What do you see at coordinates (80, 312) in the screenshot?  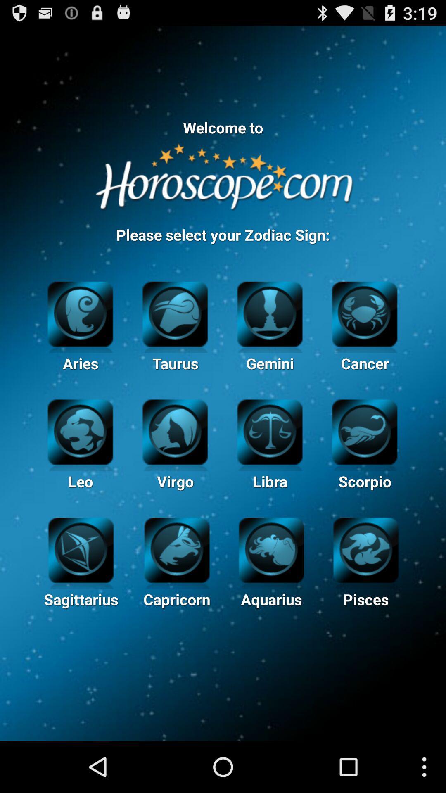 I see `aries` at bounding box center [80, 312].